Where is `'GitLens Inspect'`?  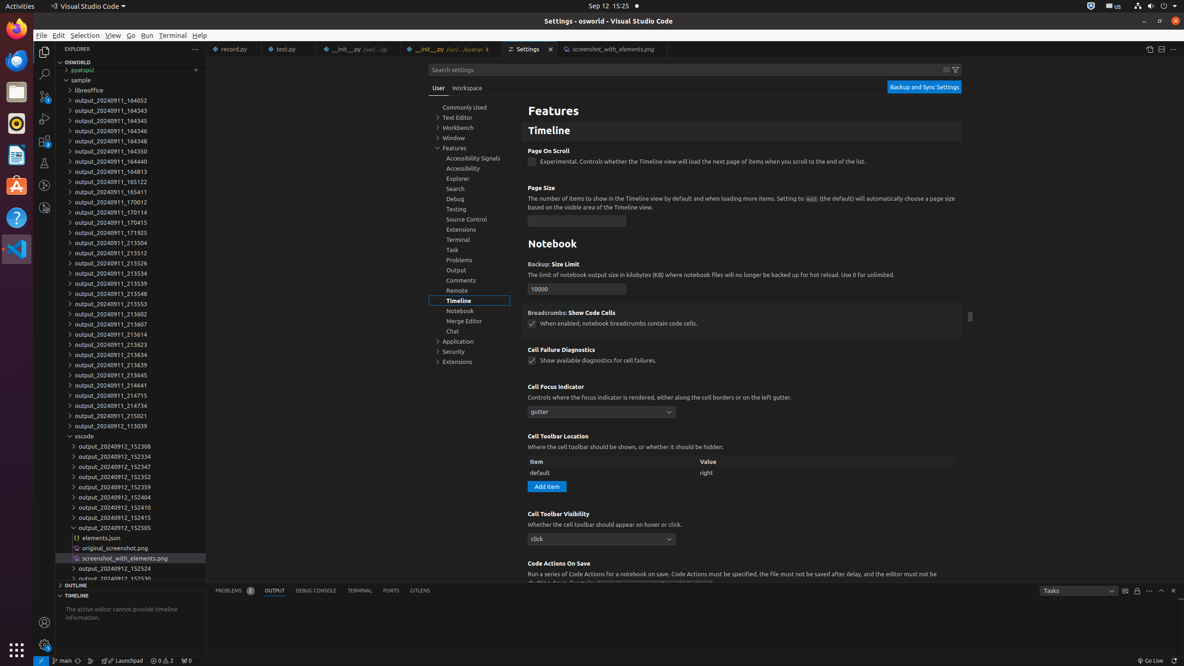 'GitLens Inspect' is located at coordinates (44, 207).